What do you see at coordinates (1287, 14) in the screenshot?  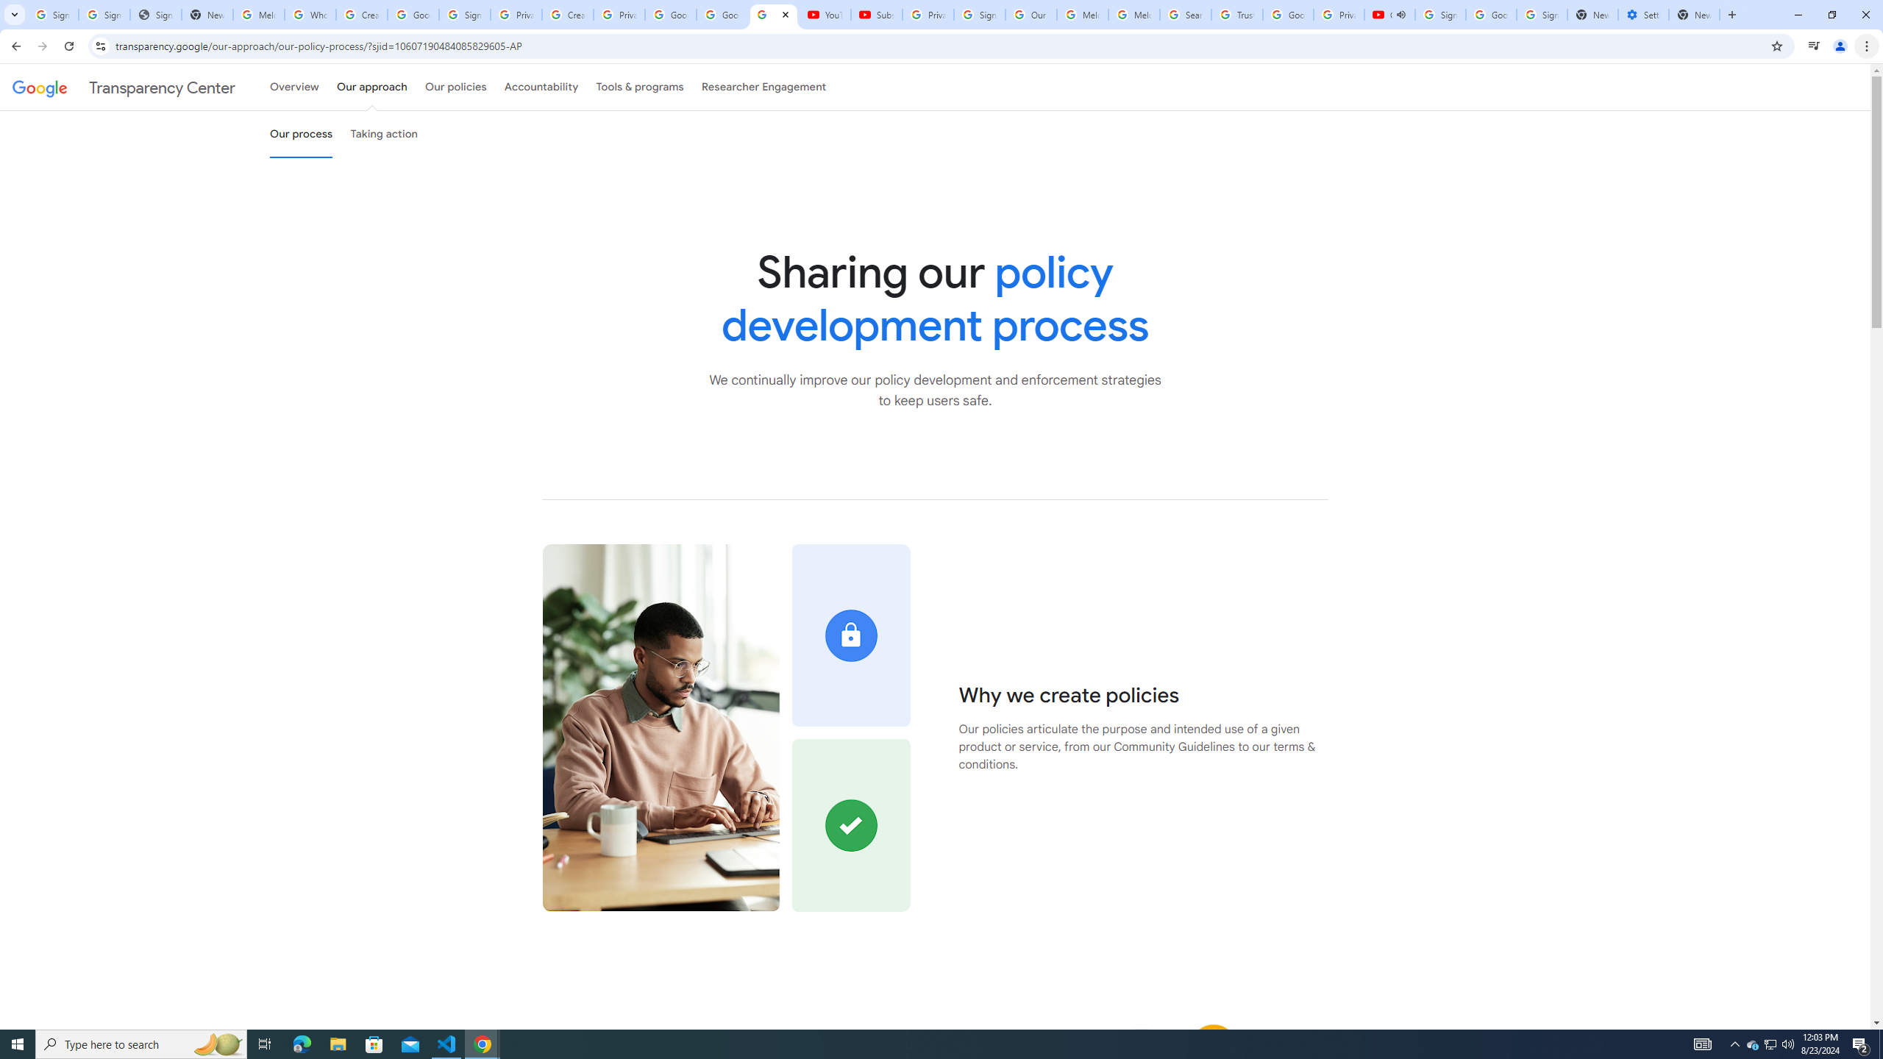 I see `'Google Ads - Sign in'` at bounding box center [1287, 14].